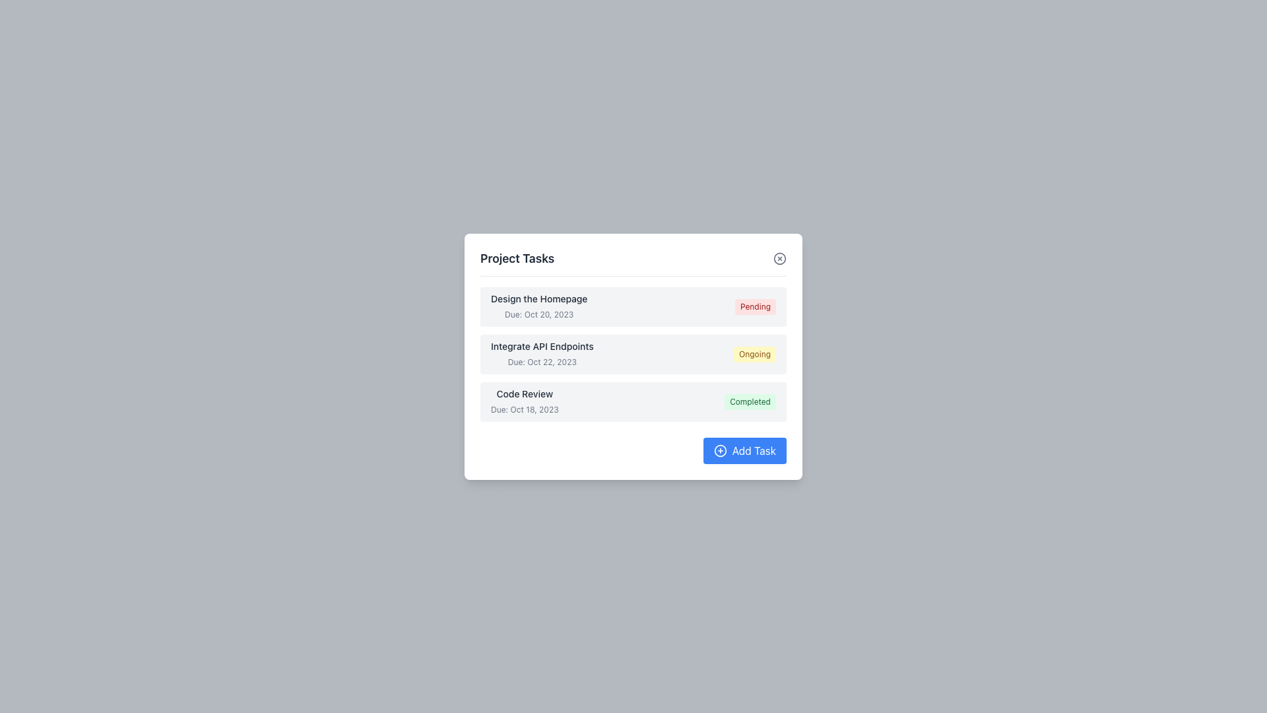 The width and height of the screenshot is (1267, 713). Describe the element at coordinates (744, 450) in the screenshot. I see `the 'Add Task' button located at the bottom right corner of the 'Project Tasks' panel to observe hover changes` at that location.